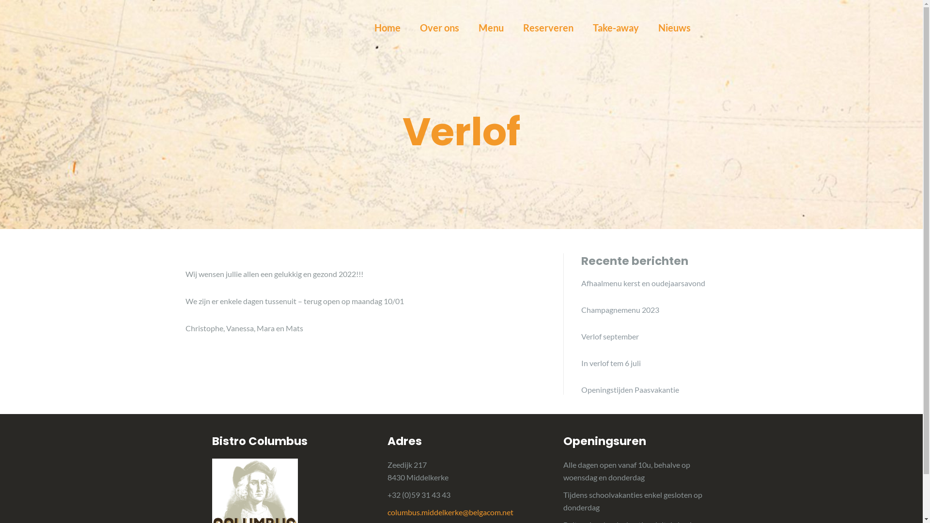  Describe the element at coordinates (651, 283) in the screenshot. I see `'Afhaalmenu kerst en oudejaarsavond'` at that location.